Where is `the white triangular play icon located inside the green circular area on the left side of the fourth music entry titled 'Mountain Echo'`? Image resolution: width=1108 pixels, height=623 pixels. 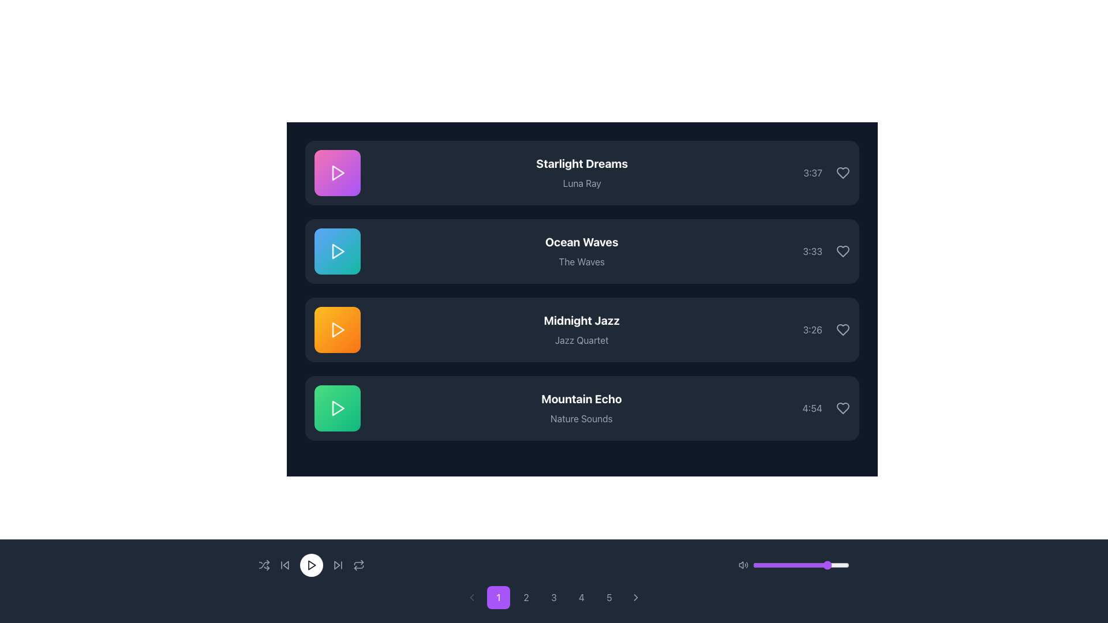
the white triangular play icon located inside the green circular area on the left side of the fourth music entry titled 'Mountain Echo' is located at coordinates (338, 408).